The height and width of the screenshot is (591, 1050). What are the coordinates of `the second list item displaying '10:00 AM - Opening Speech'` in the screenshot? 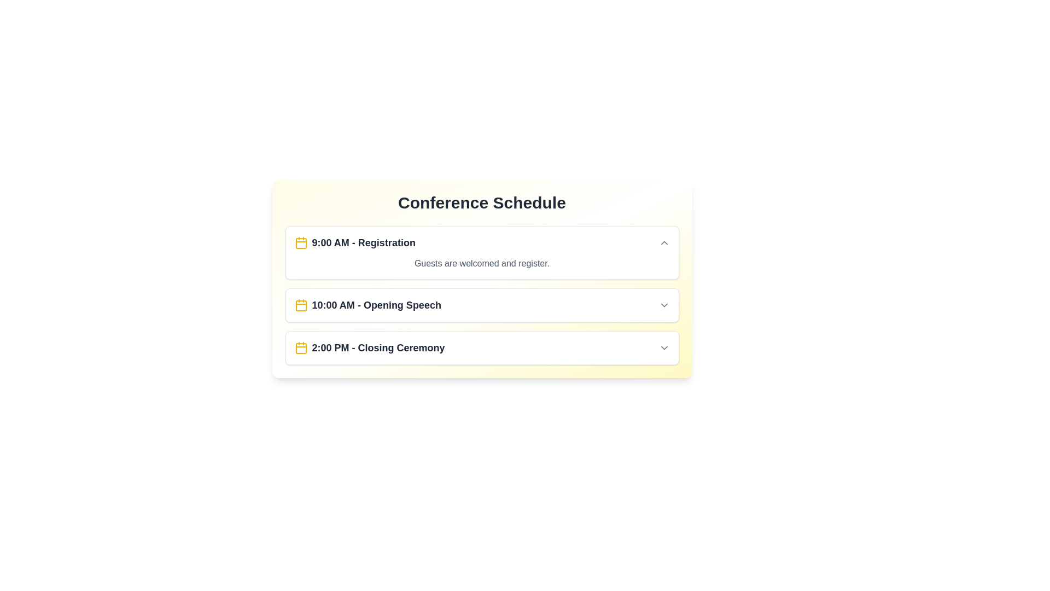 It's located at (481, 305).